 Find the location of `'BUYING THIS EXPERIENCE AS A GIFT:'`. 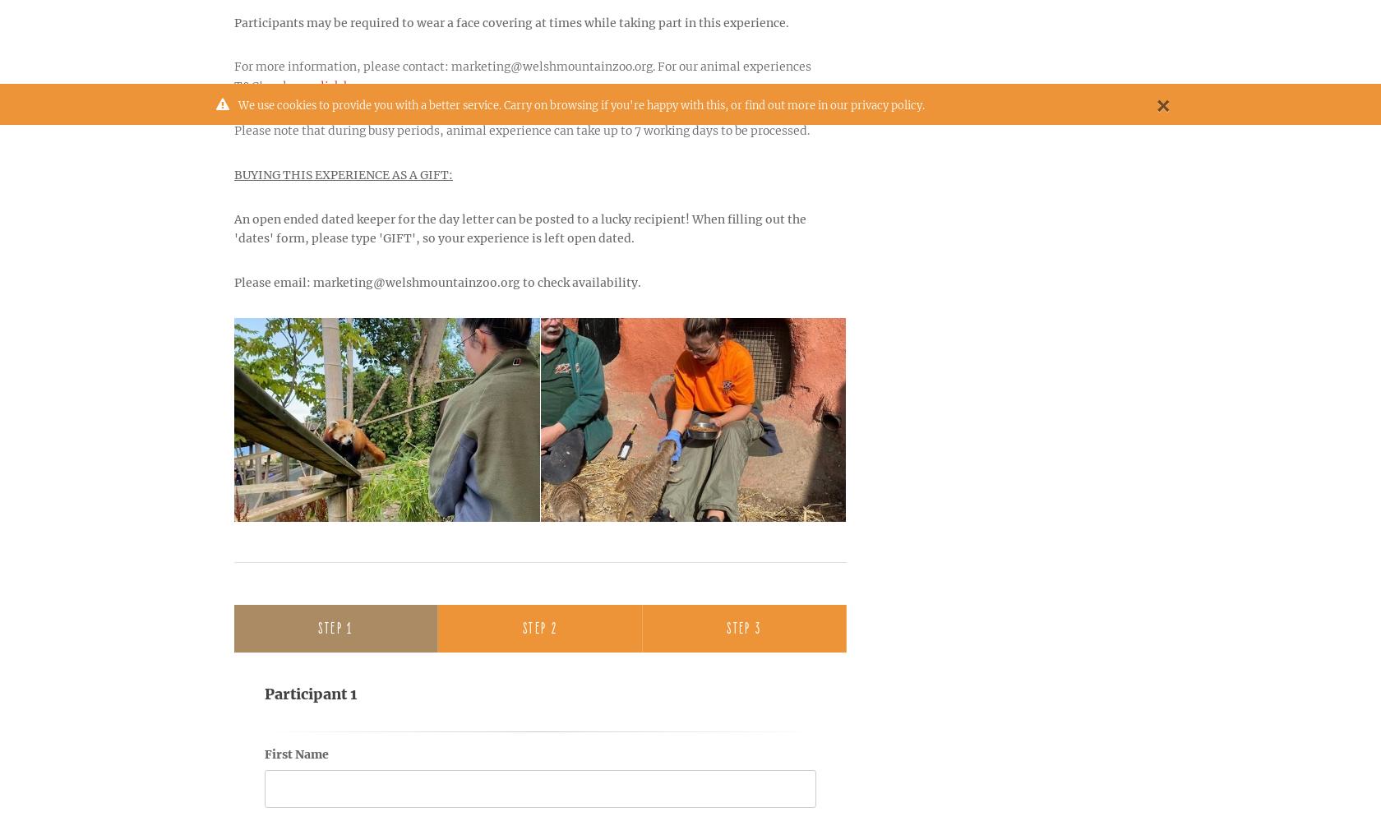

'BUYING THIS EXPERIENCE AS A GIFT:' is located at coordinates (233, 173).